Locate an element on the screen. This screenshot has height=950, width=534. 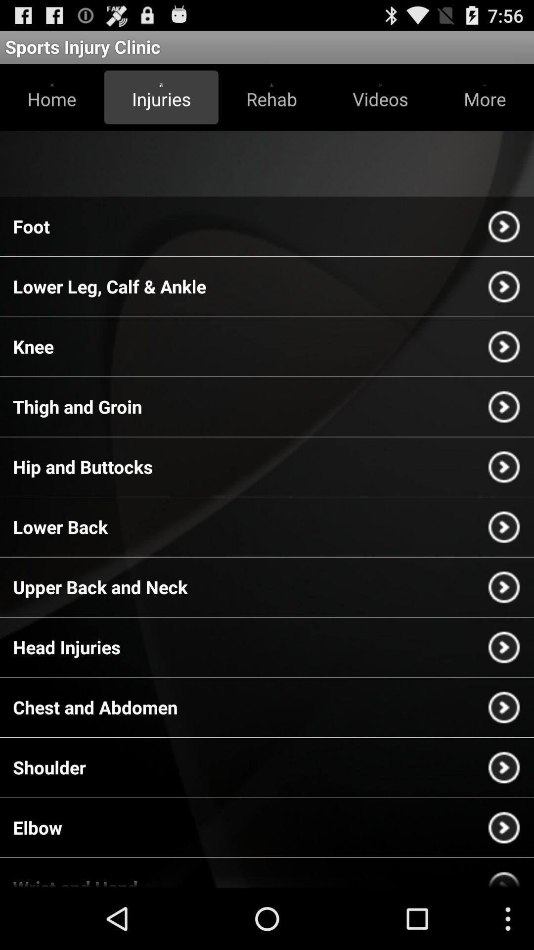
the icon to the right of the lower back app is located at coordinates (504, 526).